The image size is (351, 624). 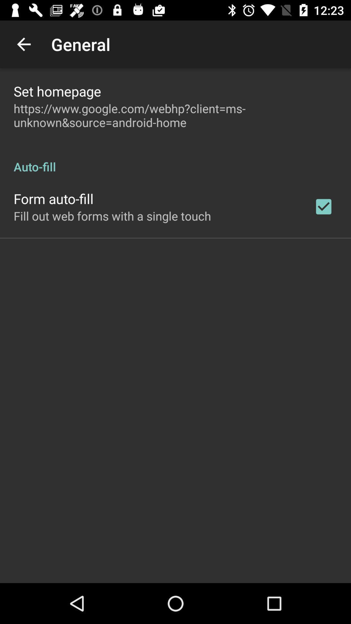 What do you see at coordinates (112, 216) in the screenshot?
I see `item below the form auto-fill app` at bounding box center [112, 216].